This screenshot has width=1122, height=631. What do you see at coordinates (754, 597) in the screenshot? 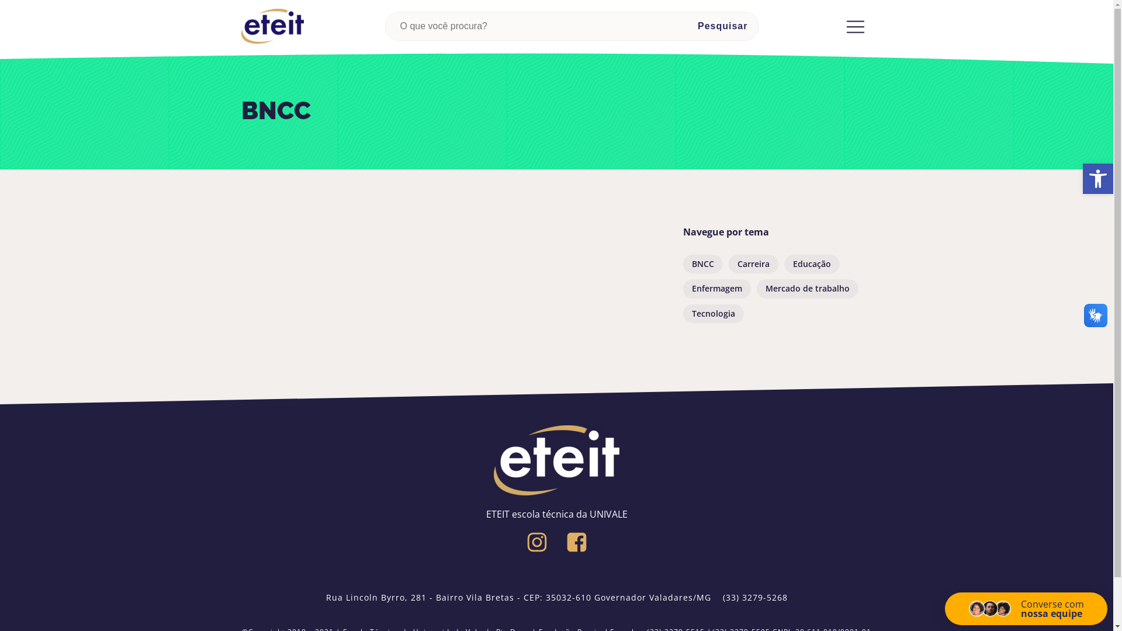
I see `'(33) 3279-5268'` at bounding box center [754, 597].